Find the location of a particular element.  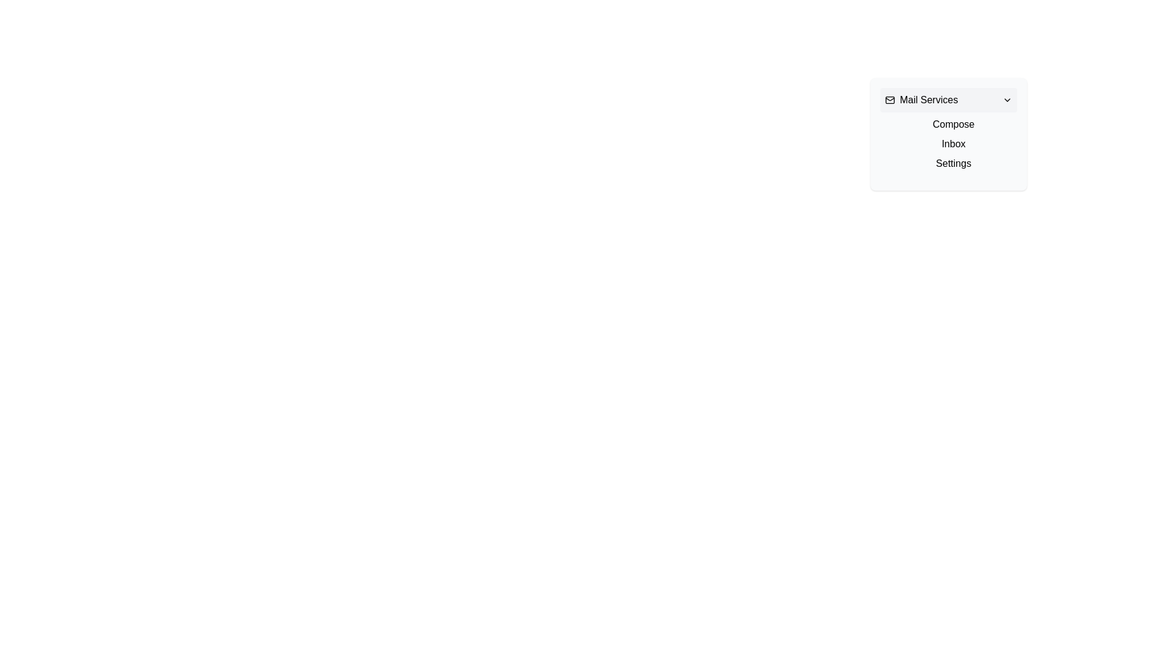

the 'Compose' text label in the dropdown menu, which is styled with a pointer cursor when hovered and changes to blue when clicked is located at coordinates (952, 125).